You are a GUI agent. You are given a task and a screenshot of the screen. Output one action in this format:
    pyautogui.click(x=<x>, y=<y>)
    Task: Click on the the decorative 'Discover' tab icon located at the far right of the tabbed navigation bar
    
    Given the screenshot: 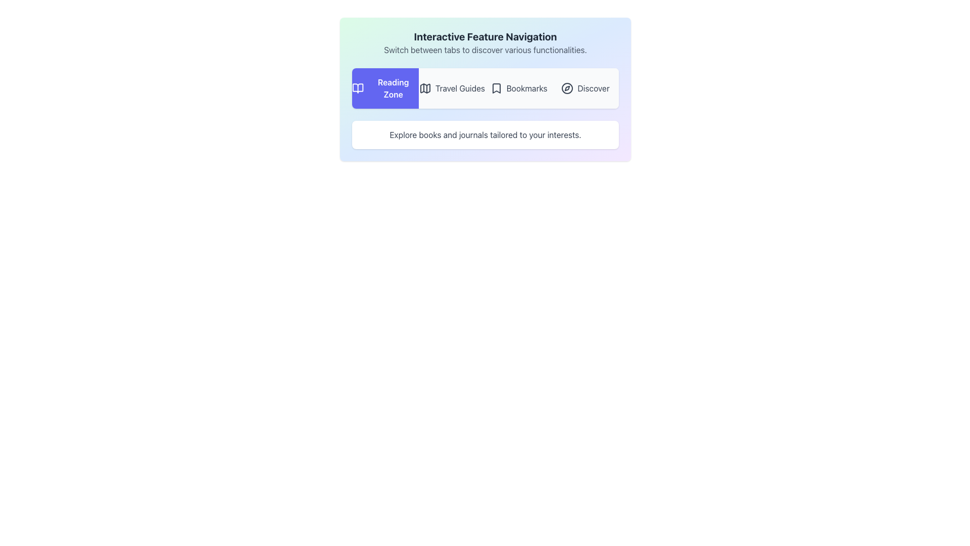 What is the action you would take?
    pyautogui.click(x=567, y=87)
    